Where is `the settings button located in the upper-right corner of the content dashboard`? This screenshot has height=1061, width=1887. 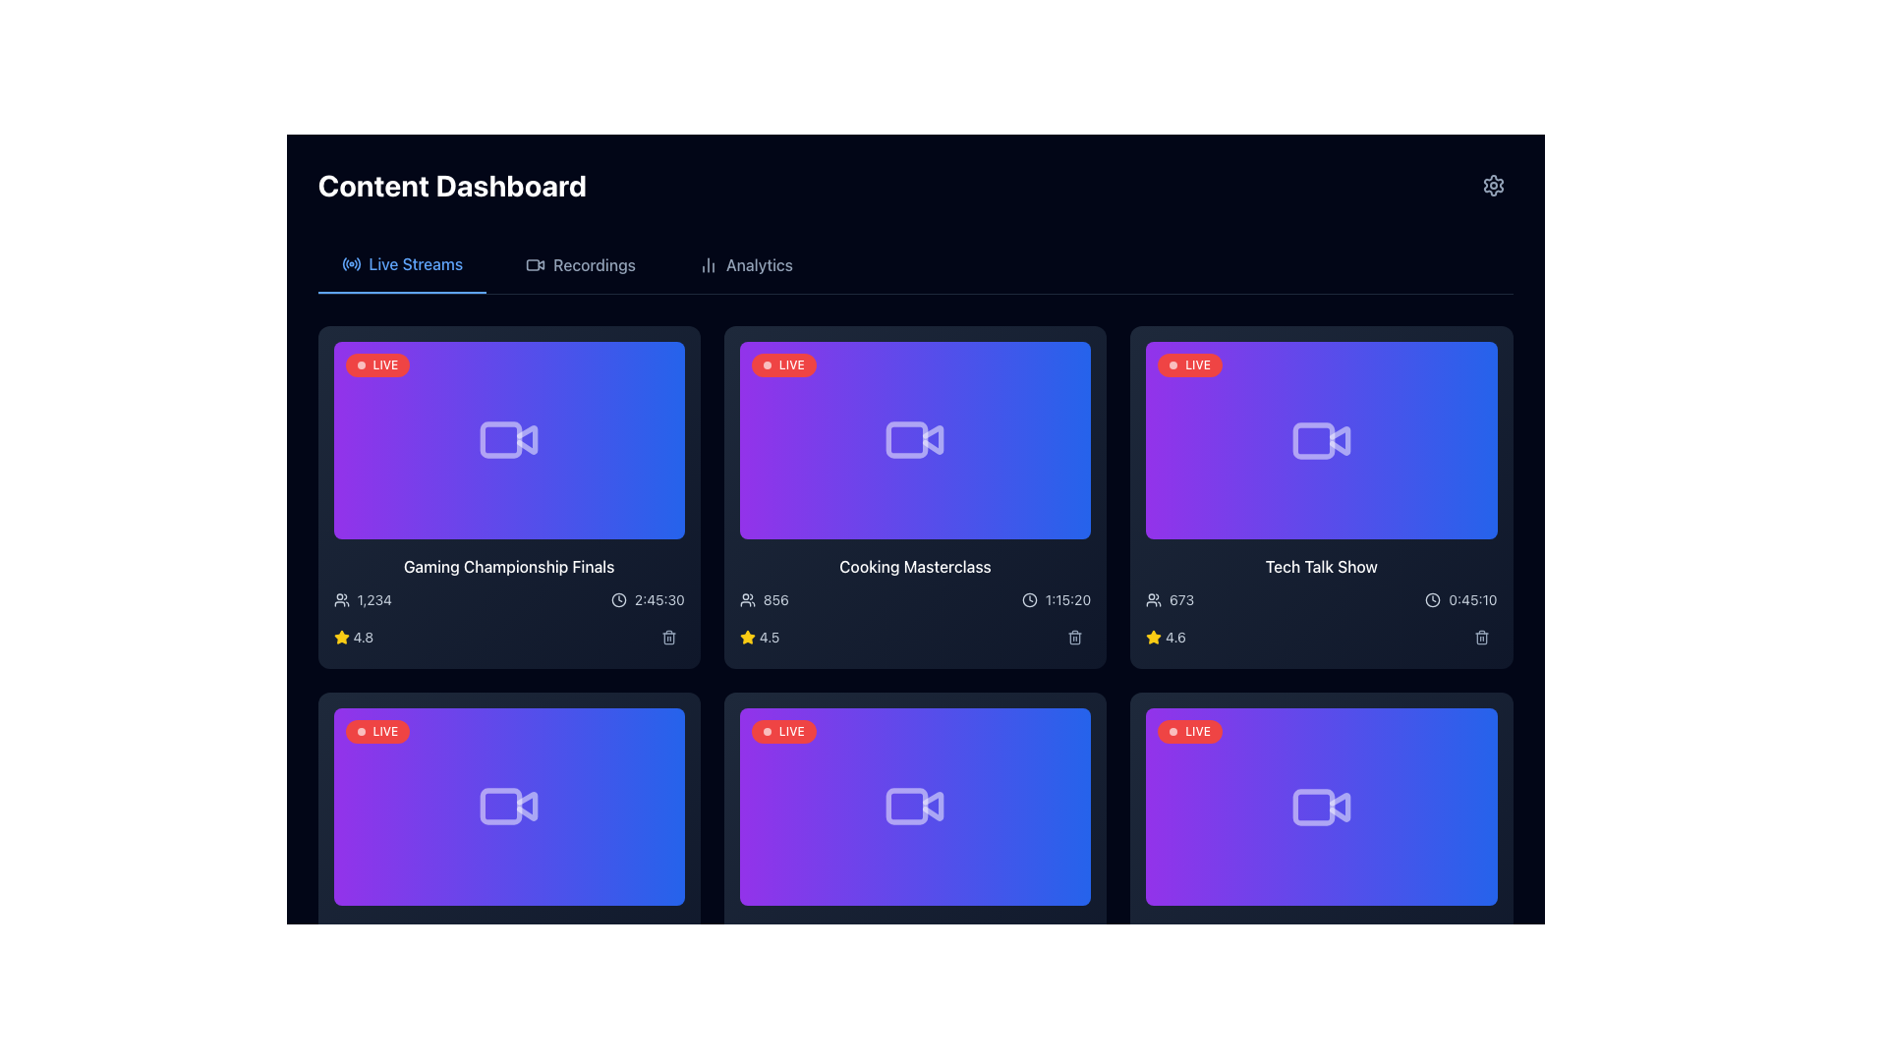
the settings button located in the upper-right corner of the content dashboard is located at coordinates (1493, 186).